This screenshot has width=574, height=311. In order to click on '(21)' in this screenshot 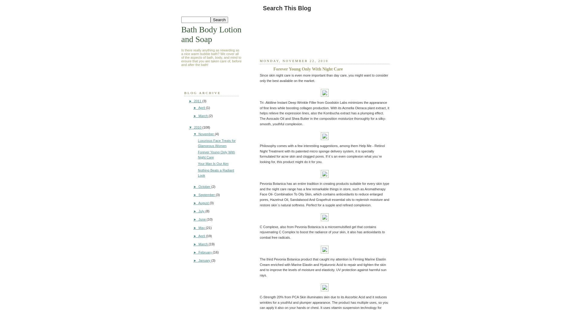, I will do `click(208, 227)`.